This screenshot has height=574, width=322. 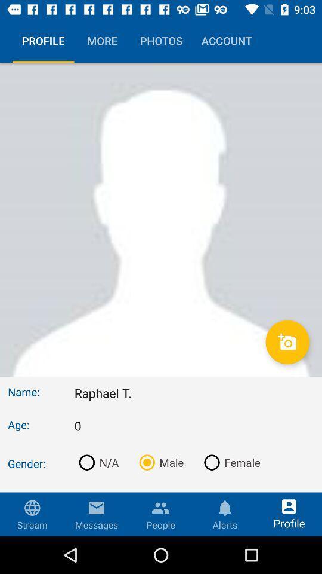 What do you see at coordinates (159, 462) in the screenshot?
I see `the item below the 0 item` at bounding box center [159, 462].